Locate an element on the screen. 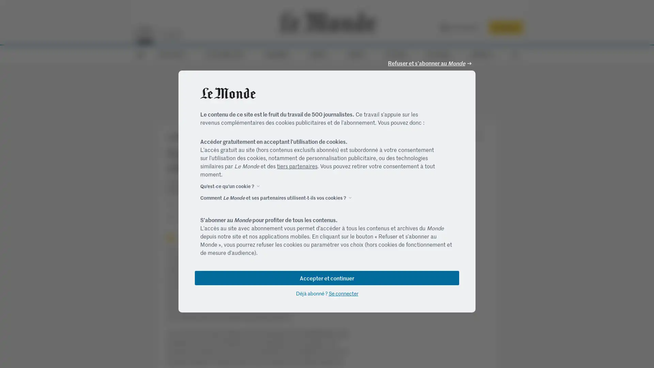  Partage desactive is located at coordinates (464, 135).